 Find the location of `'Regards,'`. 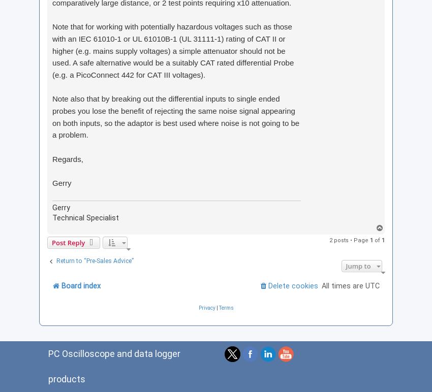

'Regards,' is located at coordinates (52, 158).